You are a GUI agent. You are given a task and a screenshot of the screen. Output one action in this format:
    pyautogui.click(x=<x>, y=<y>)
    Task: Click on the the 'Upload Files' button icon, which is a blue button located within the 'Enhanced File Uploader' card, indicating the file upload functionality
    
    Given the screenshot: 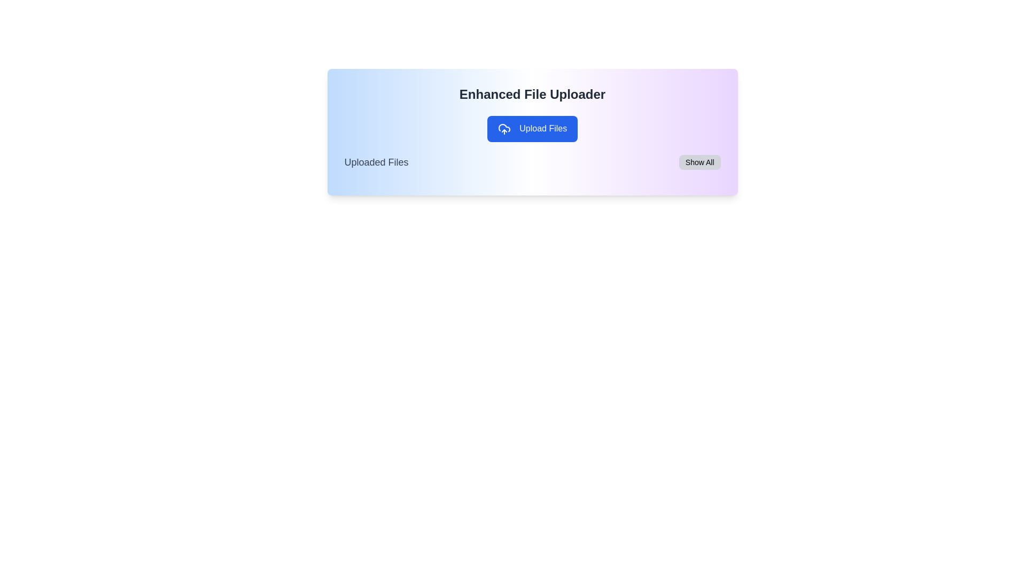 What is the action you would take?
    pyautogui.click(x=503, y=128)
    